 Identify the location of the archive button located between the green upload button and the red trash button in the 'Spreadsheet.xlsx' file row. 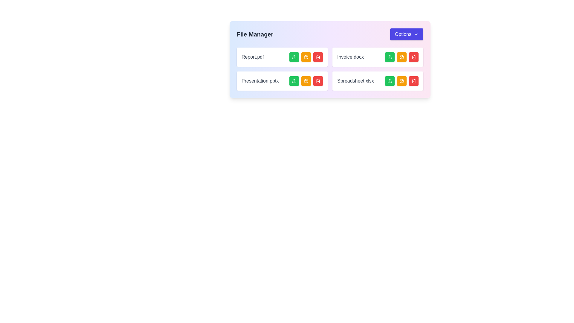
(402, 81).